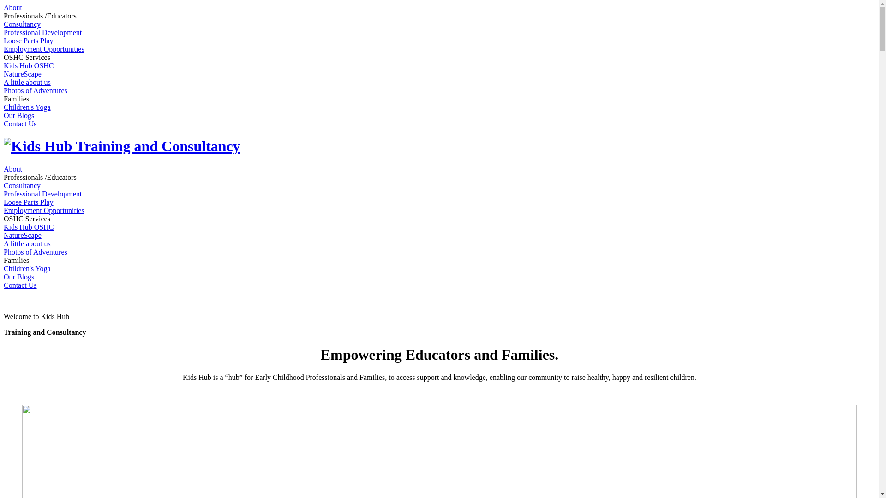  I want to click on 'Children's Yoga', so click(27, 107).